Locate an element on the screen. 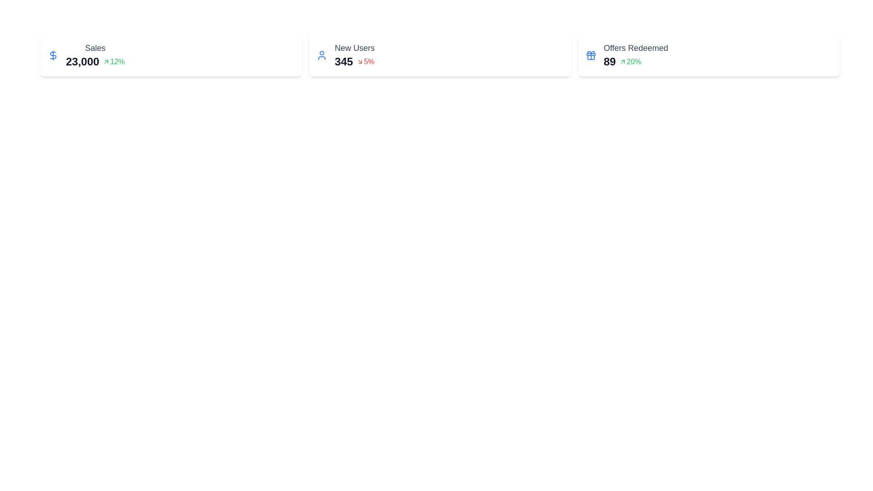 This screenshot has height=491, width=873. the red text label displaying '5%' located on the right side of a small arrow icon in the 'New Users' section is located at coordinates (369, 61).